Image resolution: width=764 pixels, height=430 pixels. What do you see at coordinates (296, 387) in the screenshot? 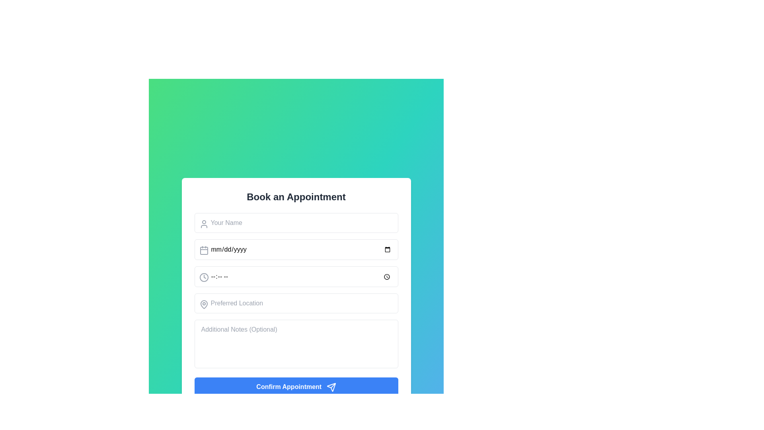
I see `the submit button located at the bottom of the form layout, directly below the 'Additional Notes (Optional)' text field, to observe any hover effects` at bounding box center [296, 387].